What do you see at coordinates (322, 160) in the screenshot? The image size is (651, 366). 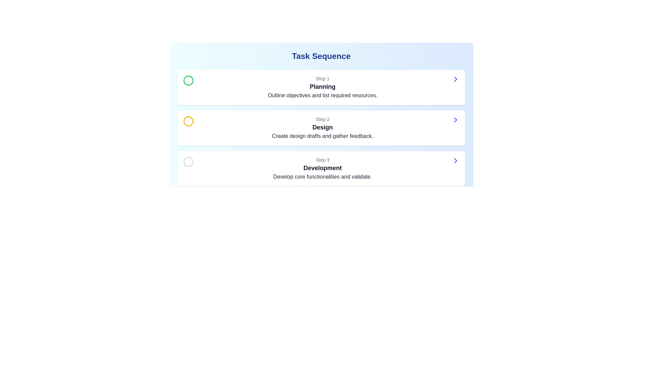 I see `the text label reading 'Step 3', which is a small gray font located above the bold 'Development' label in the third task card` at bounding box center [322, 160].